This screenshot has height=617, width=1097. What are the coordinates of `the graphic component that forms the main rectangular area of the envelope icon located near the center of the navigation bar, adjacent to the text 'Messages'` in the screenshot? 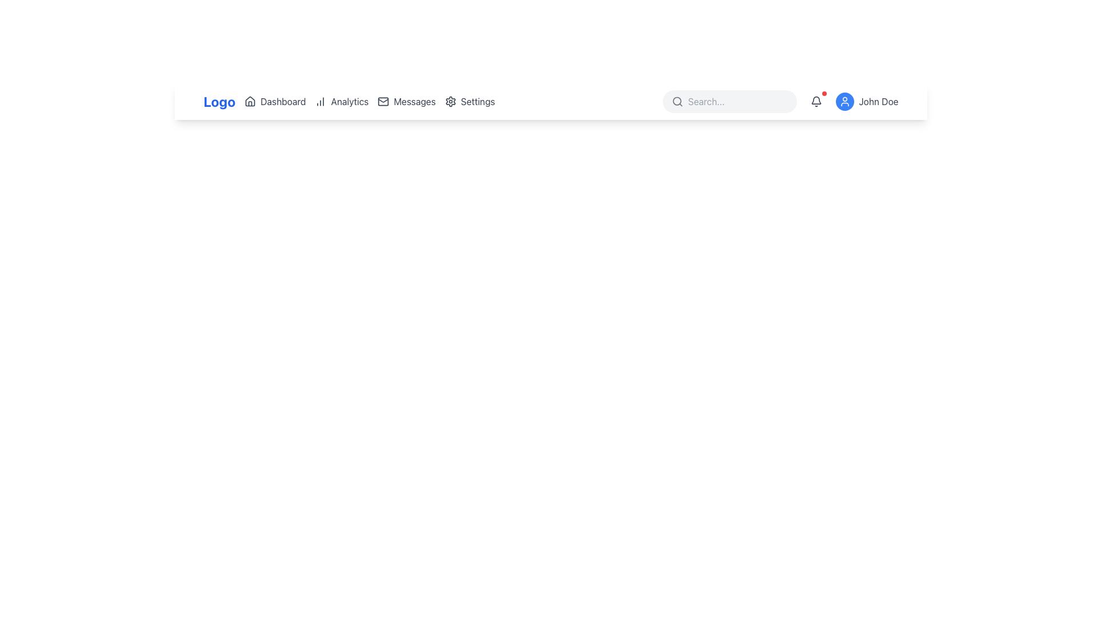 It's located at (383, 101).